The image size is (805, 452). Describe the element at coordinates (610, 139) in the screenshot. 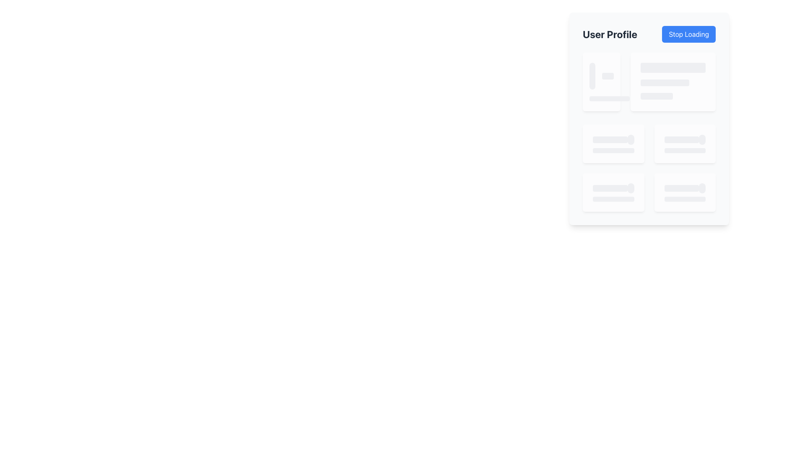

I see `the decorative placeholder or progress bar located towards the middle-right of the user interface, which serves as a loading state or inactive progress bar` at that location.